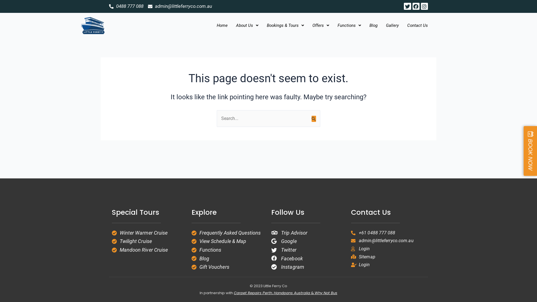 The height and width of the screenshot is (302, 537). What do you see at coordinates (417, 25) in the screenshot?
I see `'Contact Us'` at bounding box center [417, 25].